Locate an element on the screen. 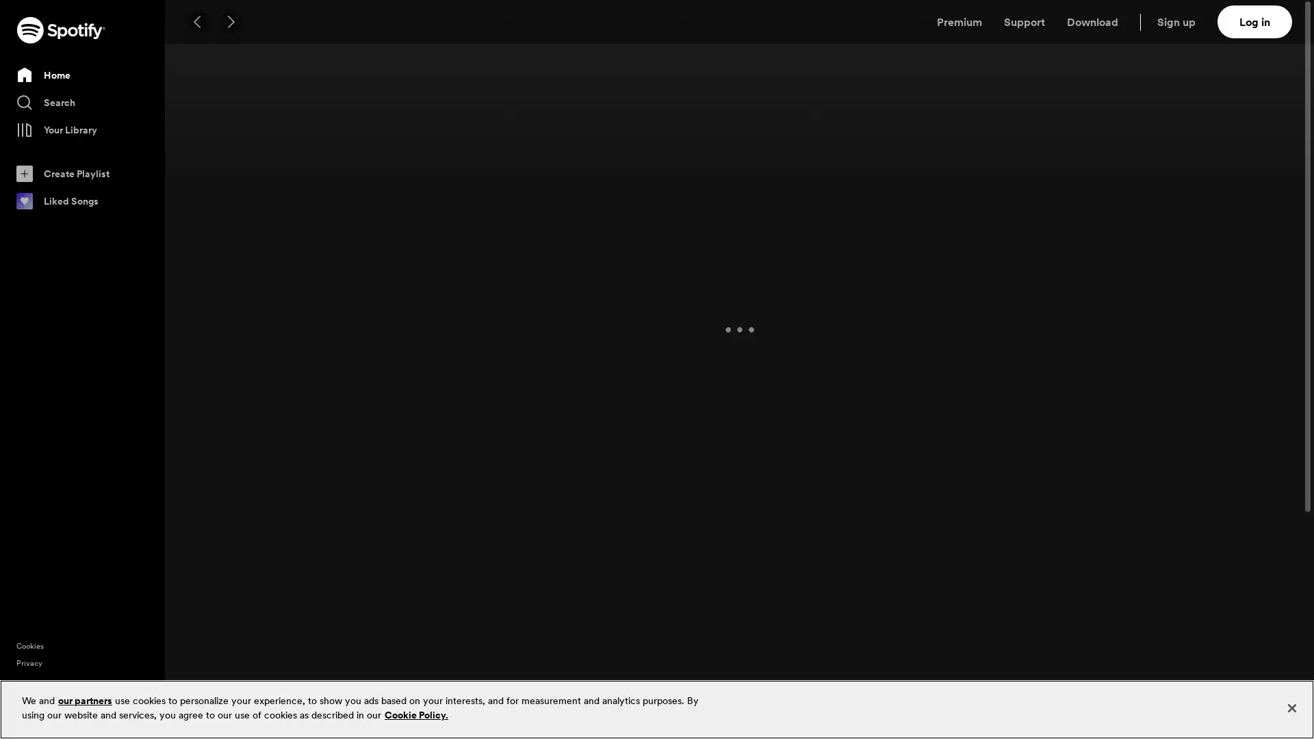  Play Peaceful Piano is located at coordinates (416, 438).